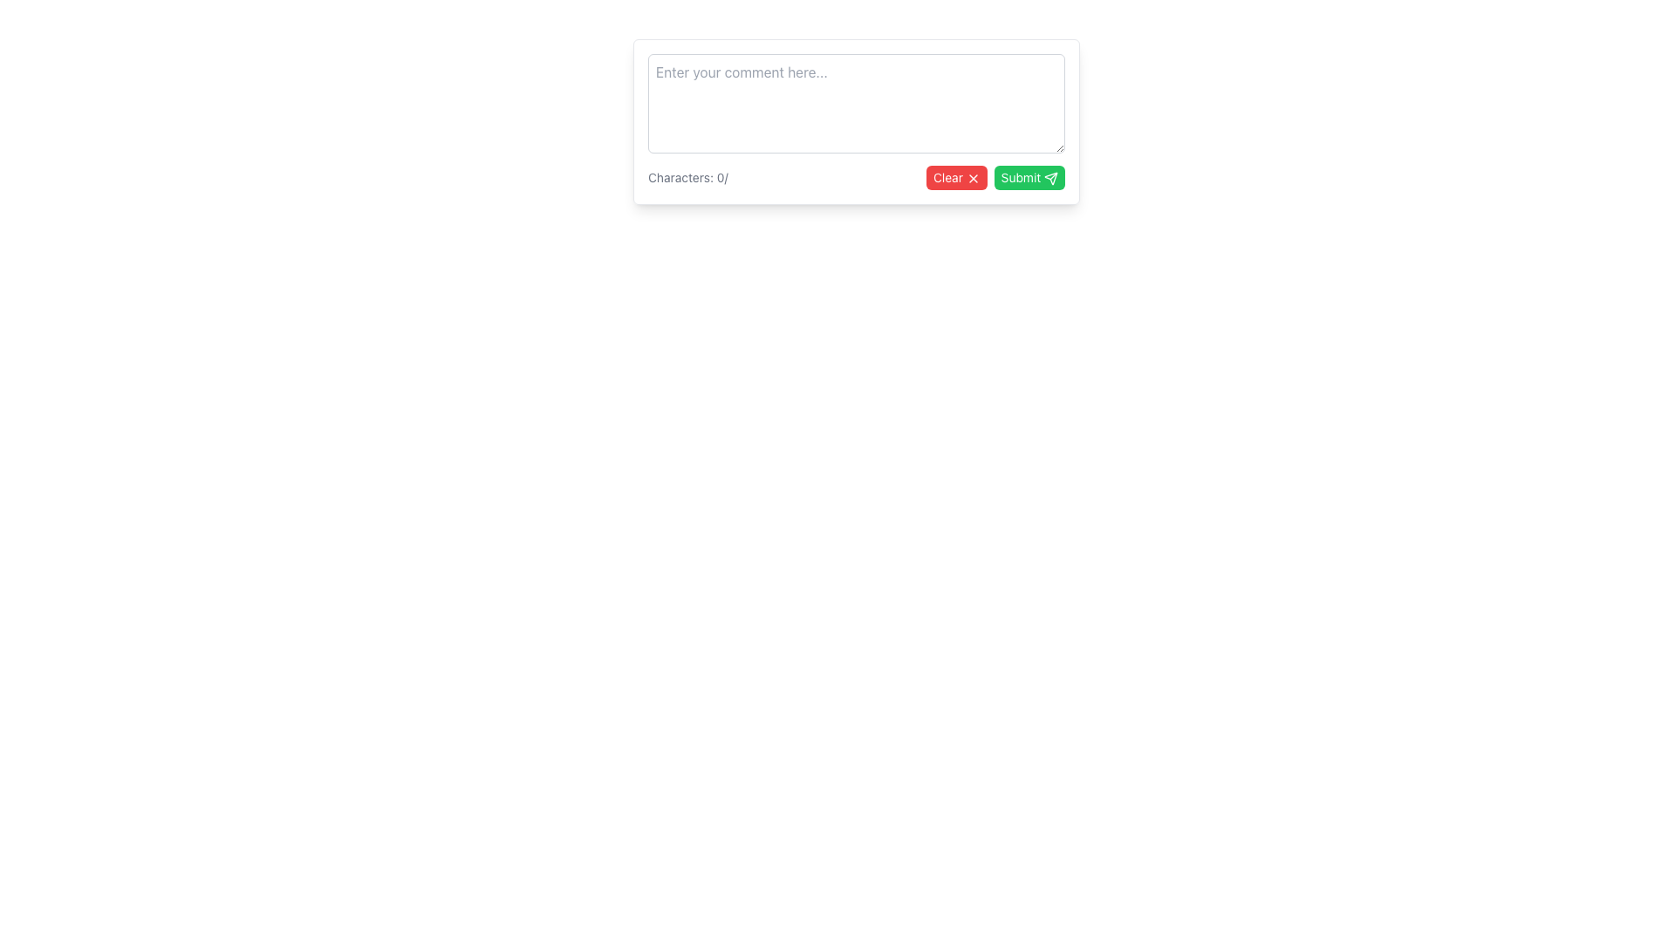 The height and width of the screenshot is (942, 1675). What do you see at coordinates (972, 179) in the screenshot?
I see `the cross (X) icon located inside the 'Clear' button in the form section, which is centrally aligned and has a red background` at bounding box center [972, 179].